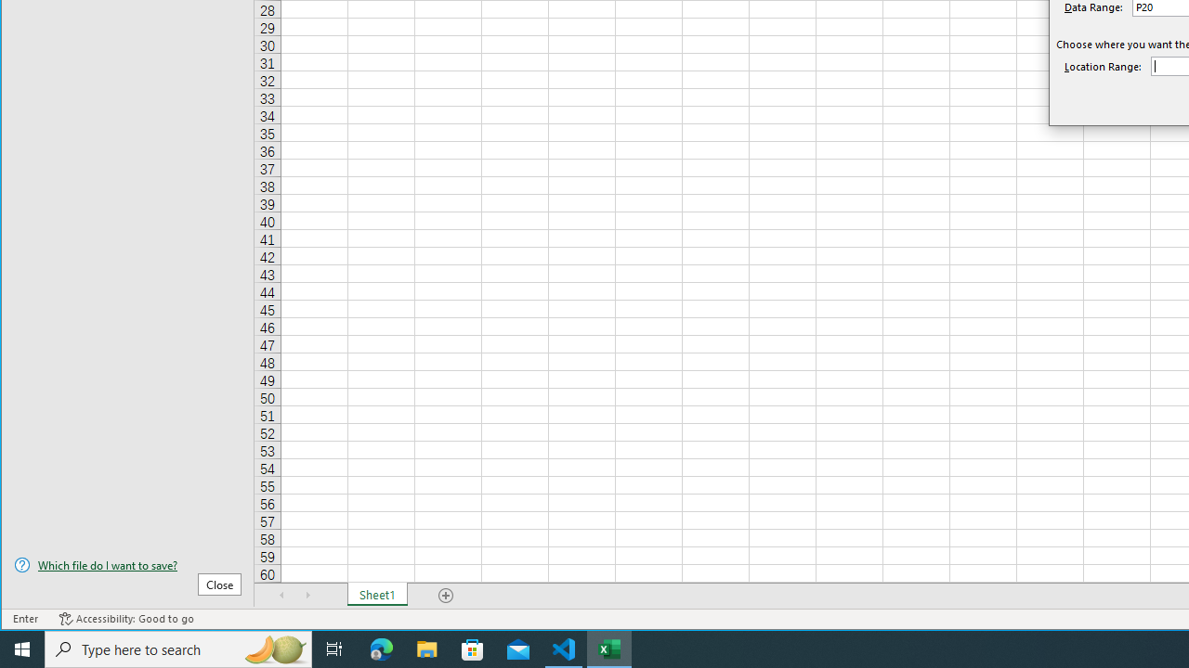 This screenshot has height=668, width=1189. I want to click on 'Microsoft Store', so click(473, 648).